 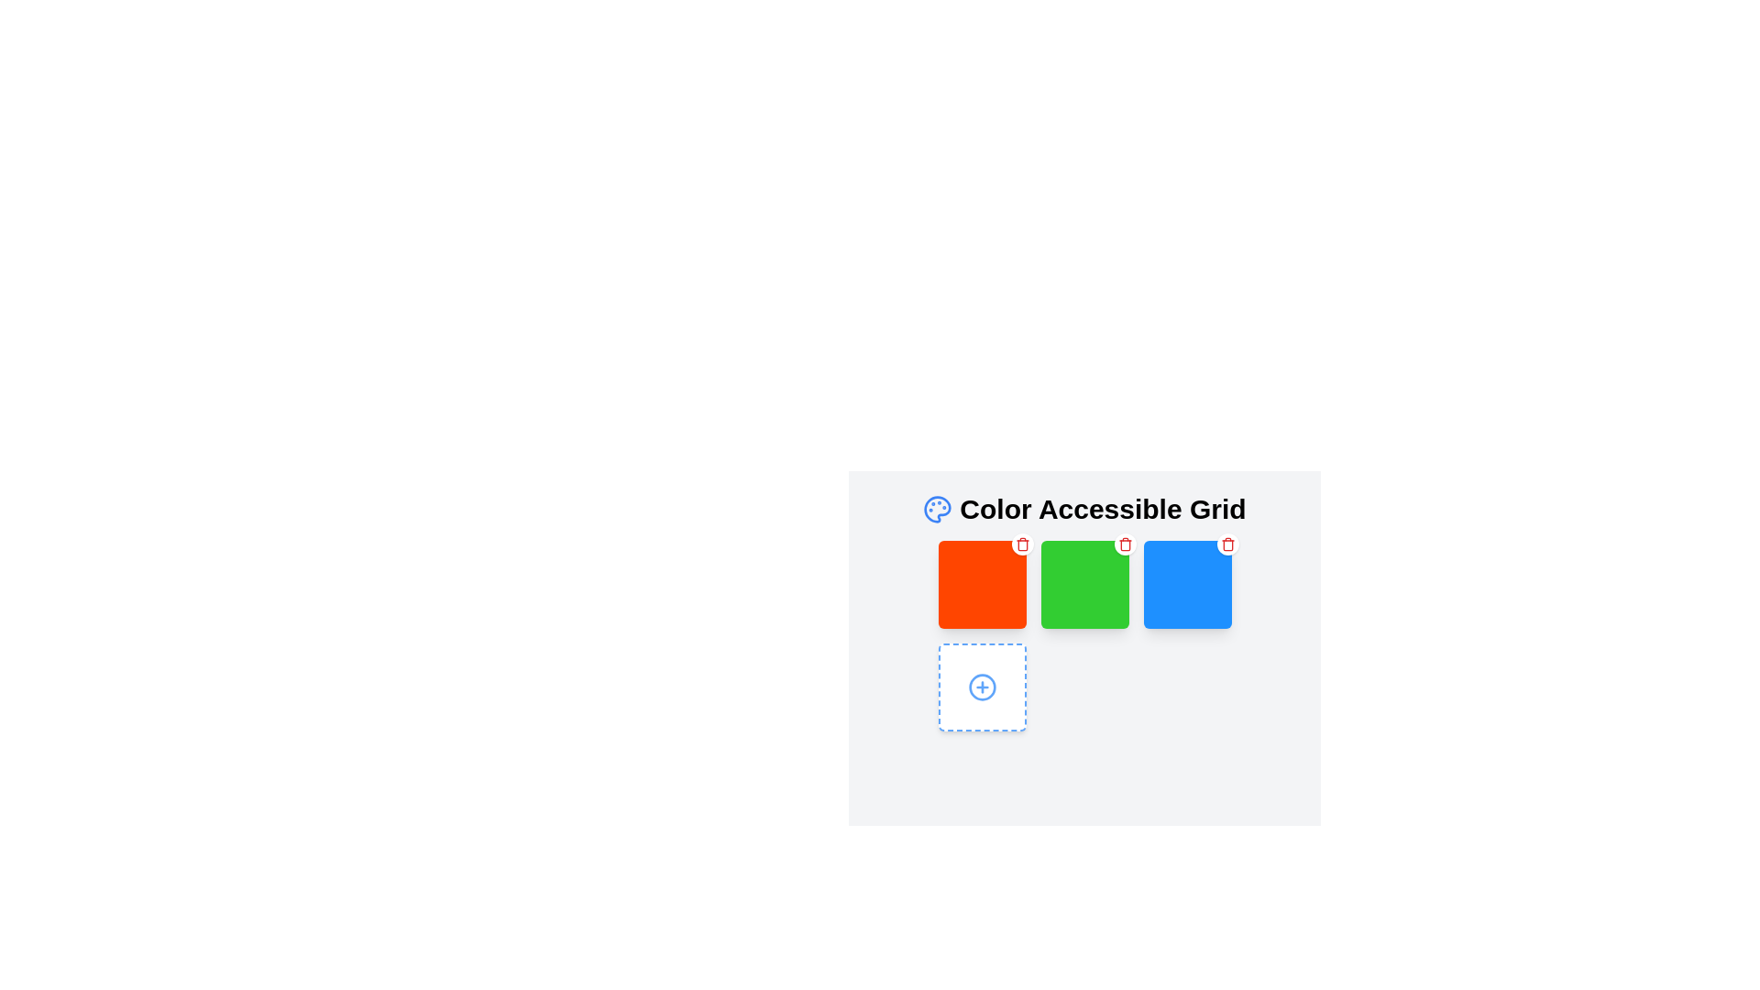 What do you see at coordinates (1124, 544) in the screenshot?
I see `the bottom-left region of the trashcan icon element that signifies a delete action` at bounding box center [1124, 544].